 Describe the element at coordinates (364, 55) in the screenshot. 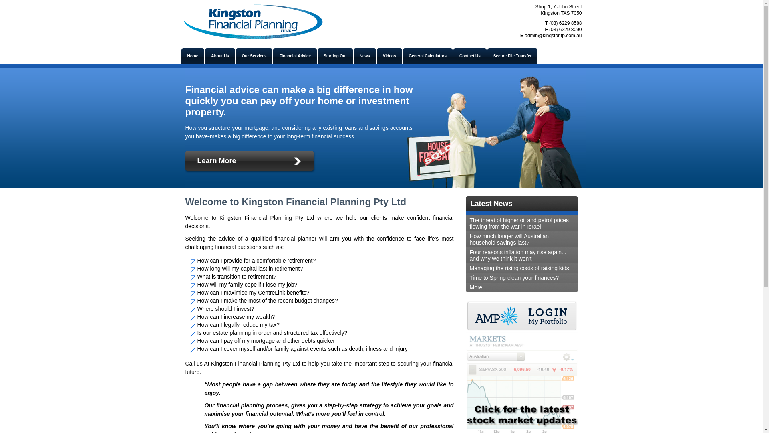

I see `'News'` at that location.